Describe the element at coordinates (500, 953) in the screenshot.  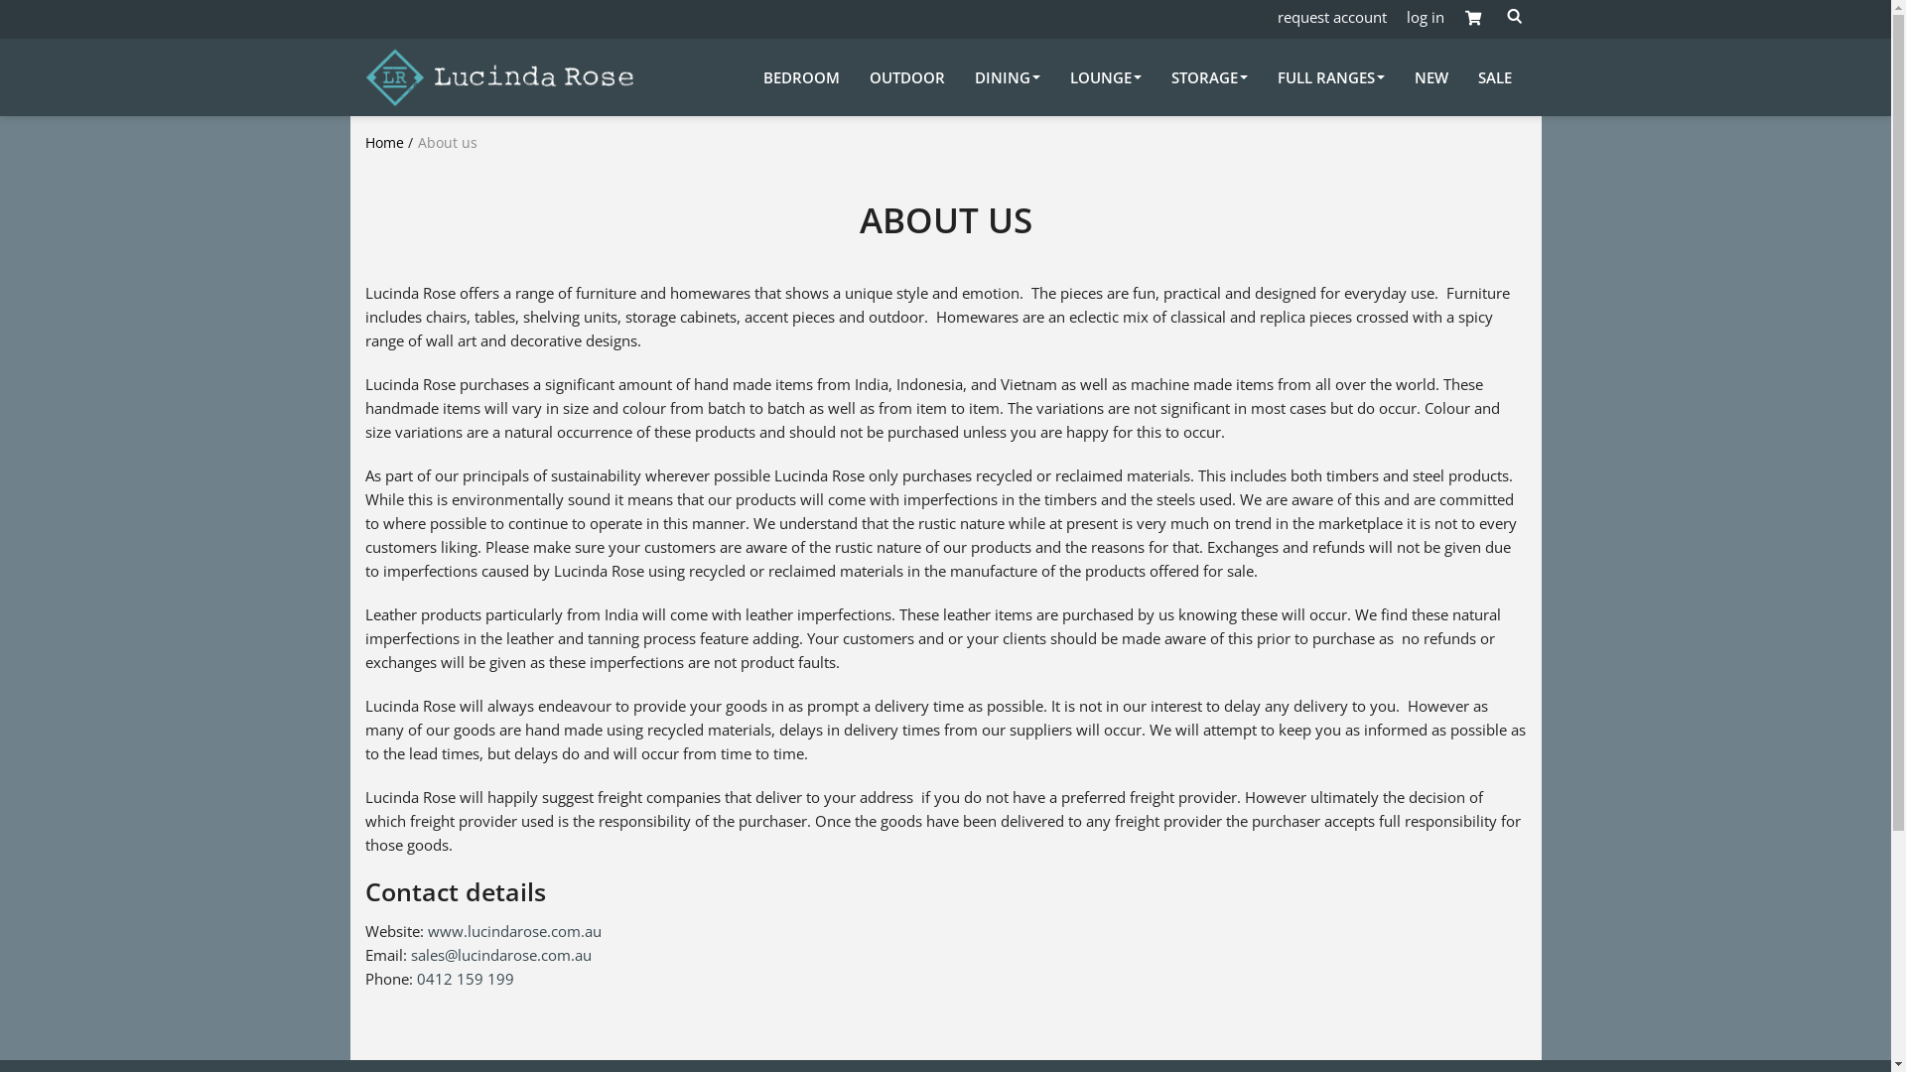
I see `'sales@lucindarose.com.au'` at that location.